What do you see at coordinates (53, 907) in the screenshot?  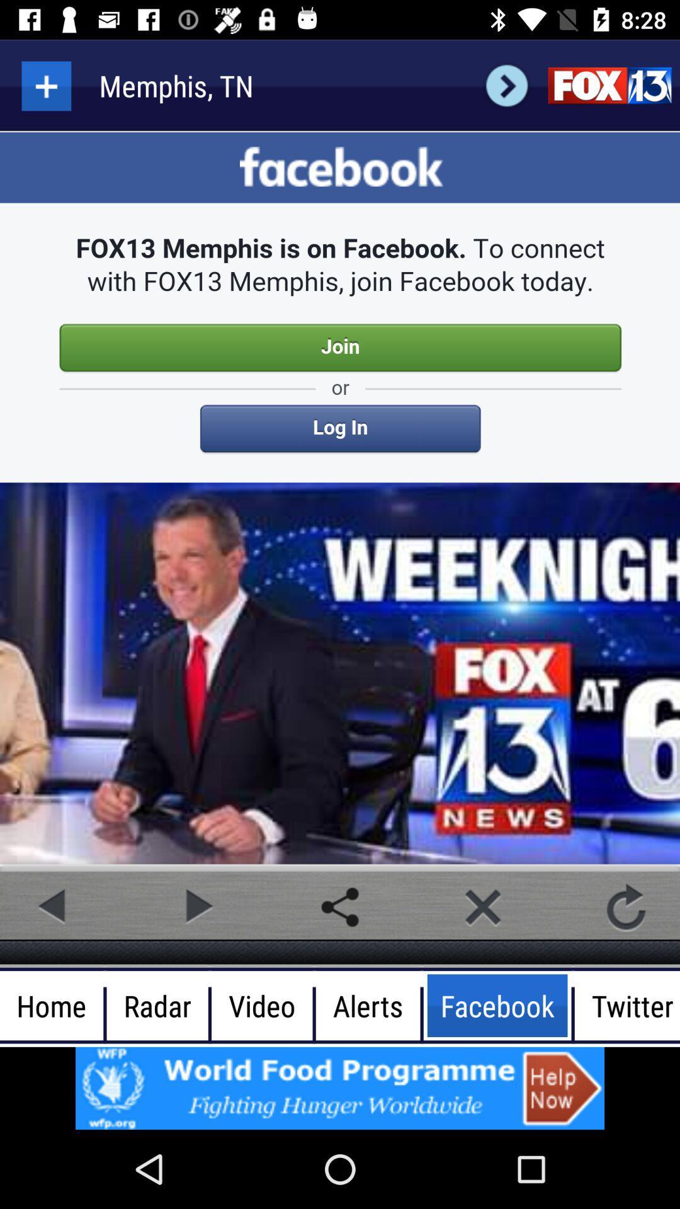 I see `previous post` at bounding box center [53, 907].